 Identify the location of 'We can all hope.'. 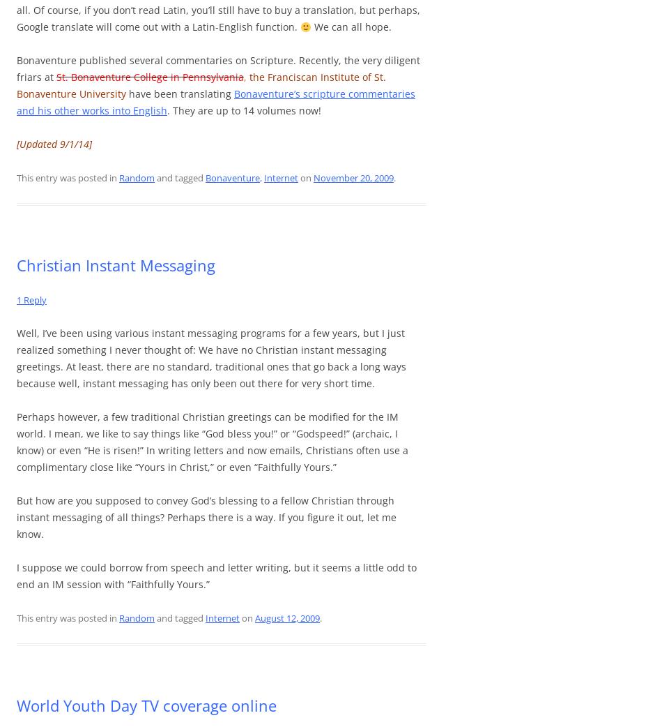
(351, 26).